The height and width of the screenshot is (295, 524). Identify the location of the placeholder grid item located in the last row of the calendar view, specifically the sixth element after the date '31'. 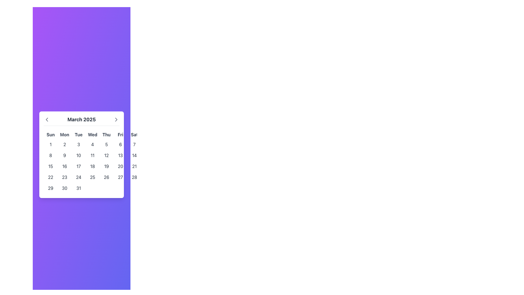
(120, 188).